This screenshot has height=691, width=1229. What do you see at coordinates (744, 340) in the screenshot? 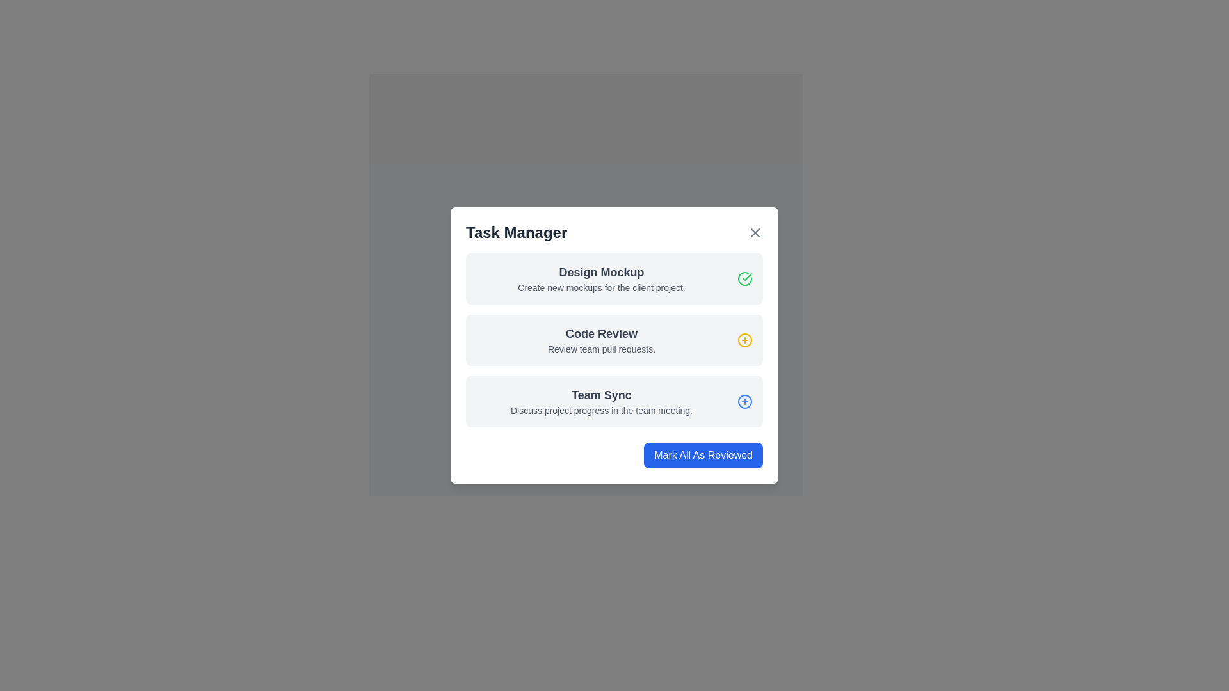
I see `the circular icon with a yellow border and a plus sign in its center, which is located to the right of the 'Code Review' task` at bounding box center [744, 340].